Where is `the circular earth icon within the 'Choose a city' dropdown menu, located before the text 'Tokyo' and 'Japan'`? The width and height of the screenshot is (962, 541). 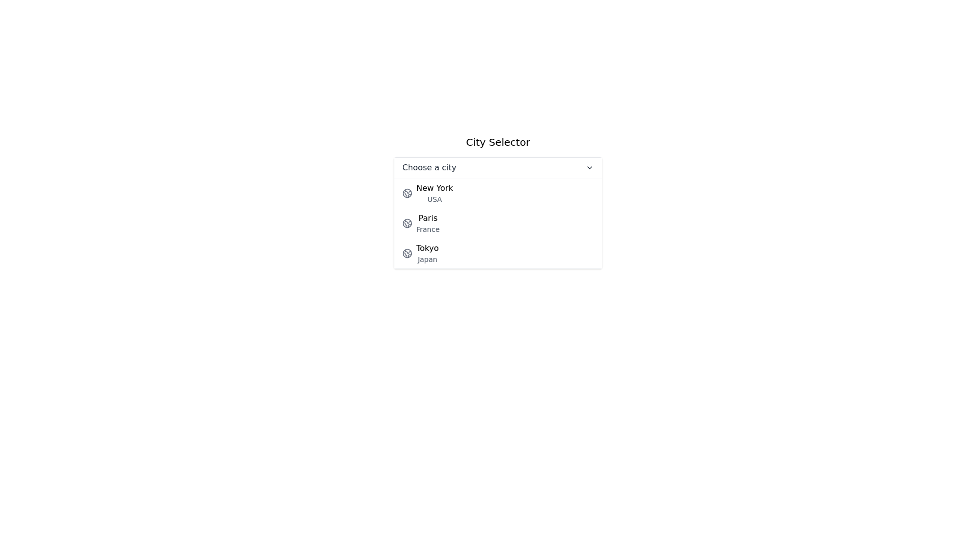 the circular earth icon within the 'Choose a city' dropdown menu, located before the text 'Tokyo' and 'Japan' is located at coordinates (407, 252).